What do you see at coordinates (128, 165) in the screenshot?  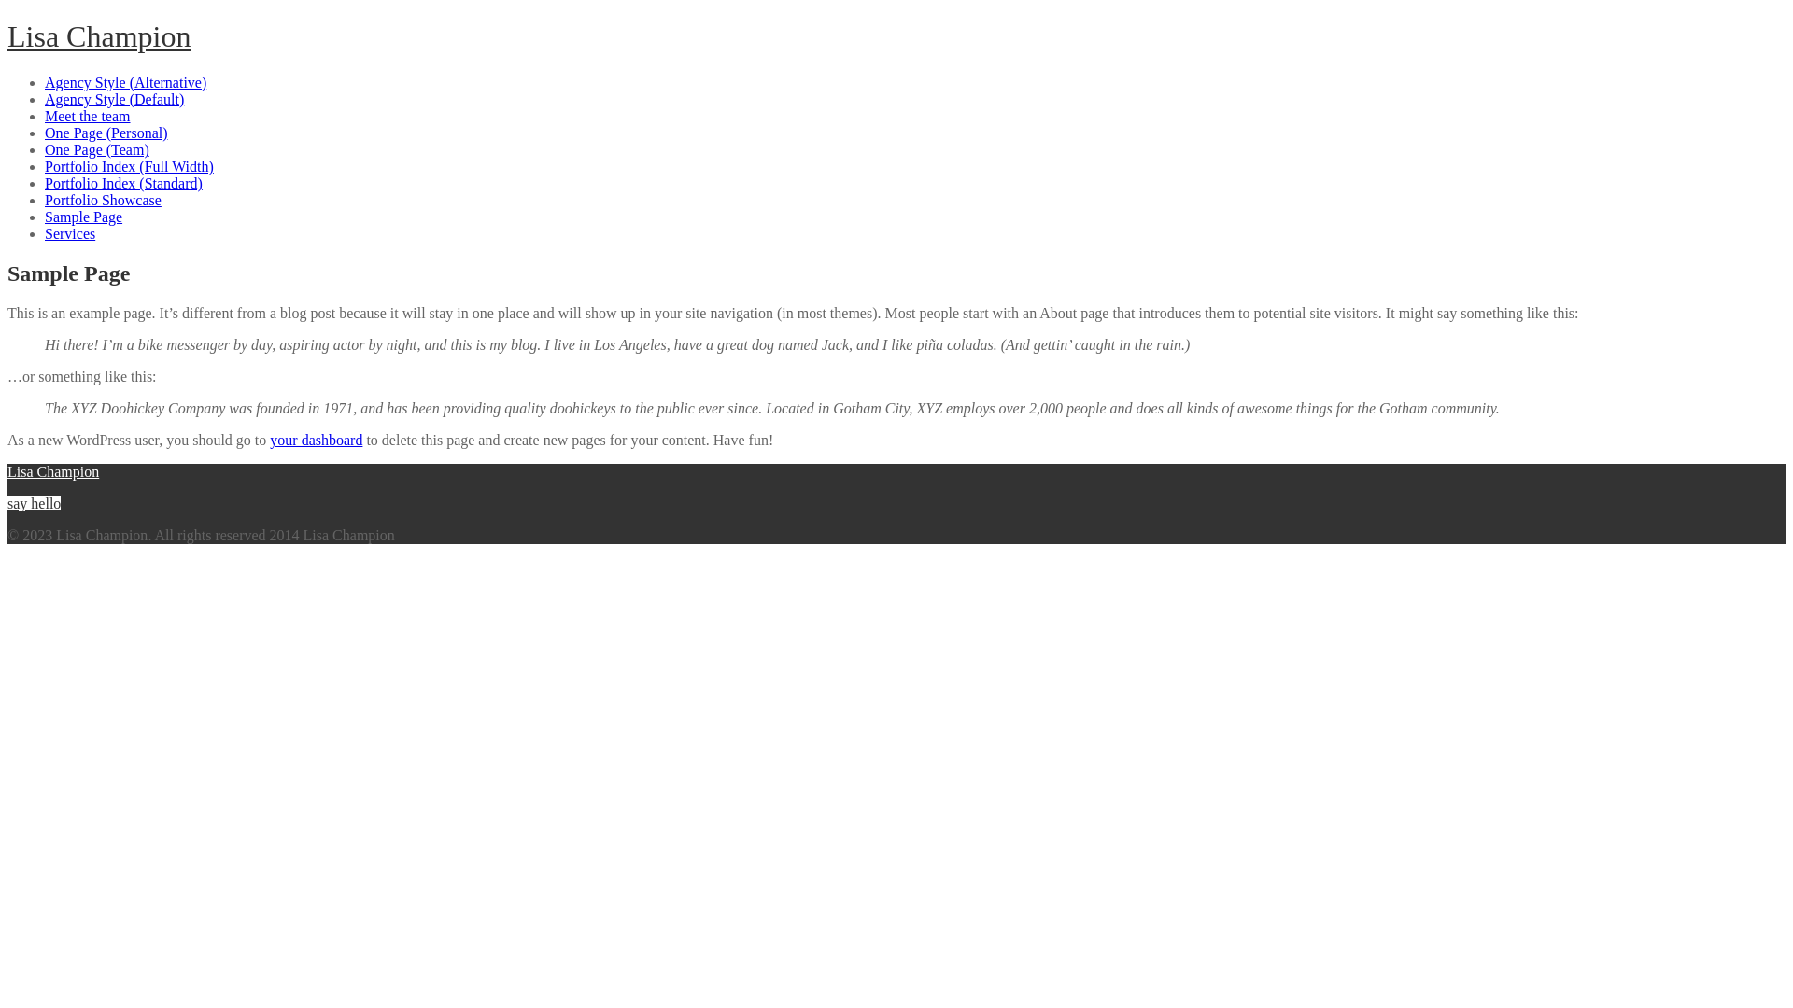 I see `'Portfolio Index (Full Width)'` at bounding box center [128, 165].